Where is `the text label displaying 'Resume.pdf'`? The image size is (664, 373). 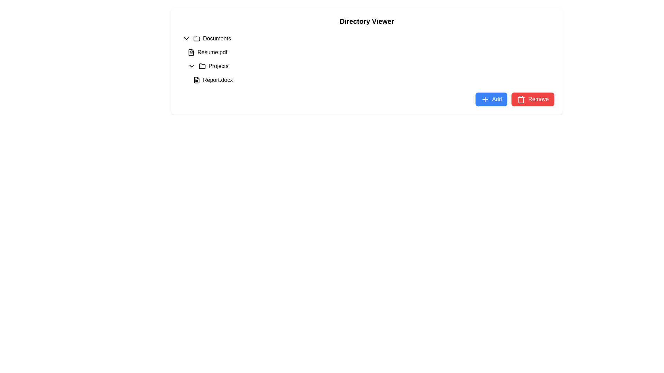
the text label displaying 'Resume.pdf' is located at coordinates (212, 52).